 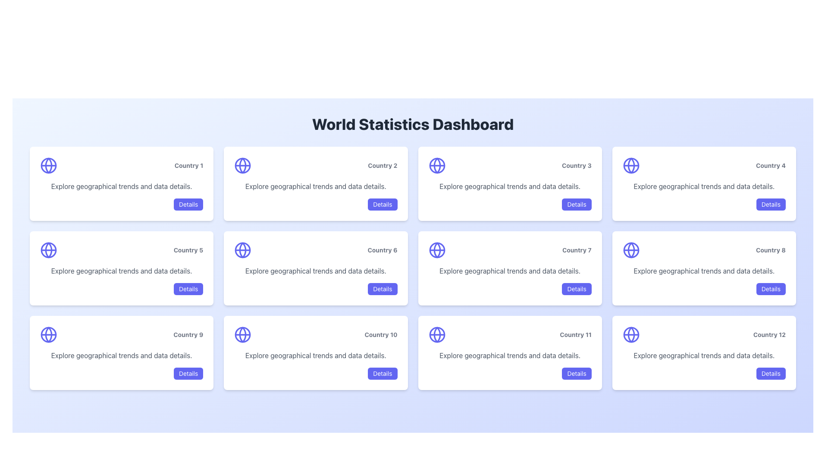 What do you see at coordinates (510, 271) in the screenshot?
I see `the descriptive text located within the card labeled 'Country 7', which is positioned below the heading 'Country 7' and above the 'Details' button` at bounding box center [510, 271].